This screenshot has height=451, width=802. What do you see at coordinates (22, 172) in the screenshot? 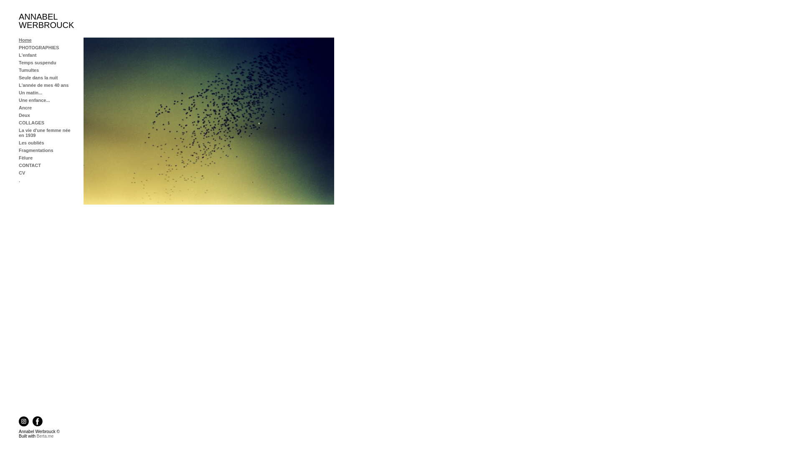
I see `'CV'` at bounding box center [22, 172].